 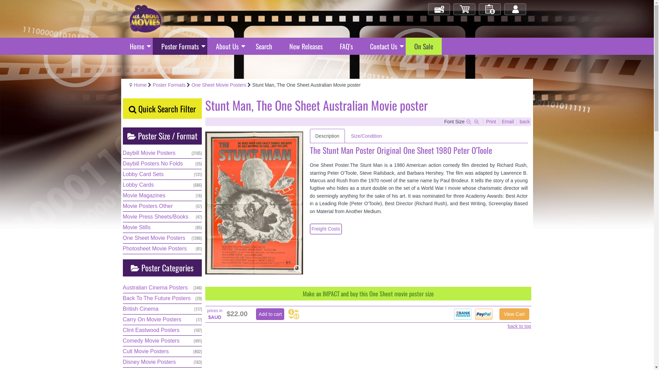 I want to click on 'FAQ's', so click(x=346, y=46).